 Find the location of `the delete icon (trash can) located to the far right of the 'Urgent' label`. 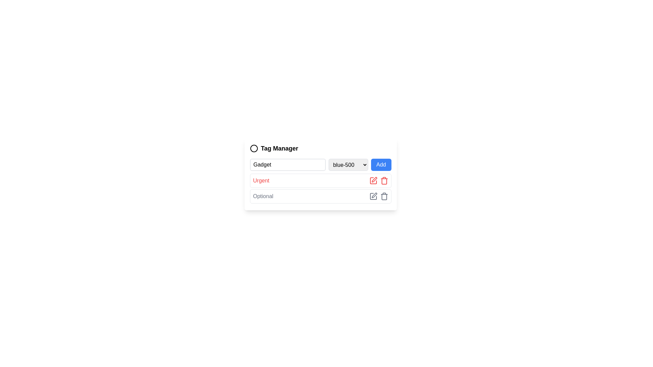

the delete icon (trash can) located to the far right of the 'Urgent' label is located at coordinates (378, 180).